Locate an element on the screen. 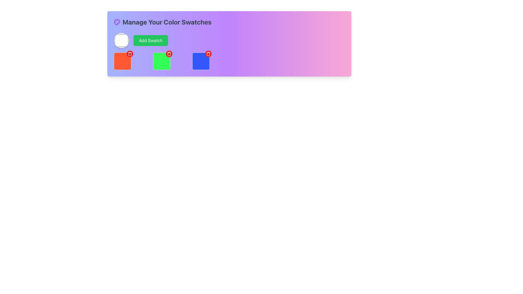 The width and height of the screenshot is (523, 294). the red circular delete button with a trash icon located at the top-right corner of the red color swatch is located at coordinates (129, 54).